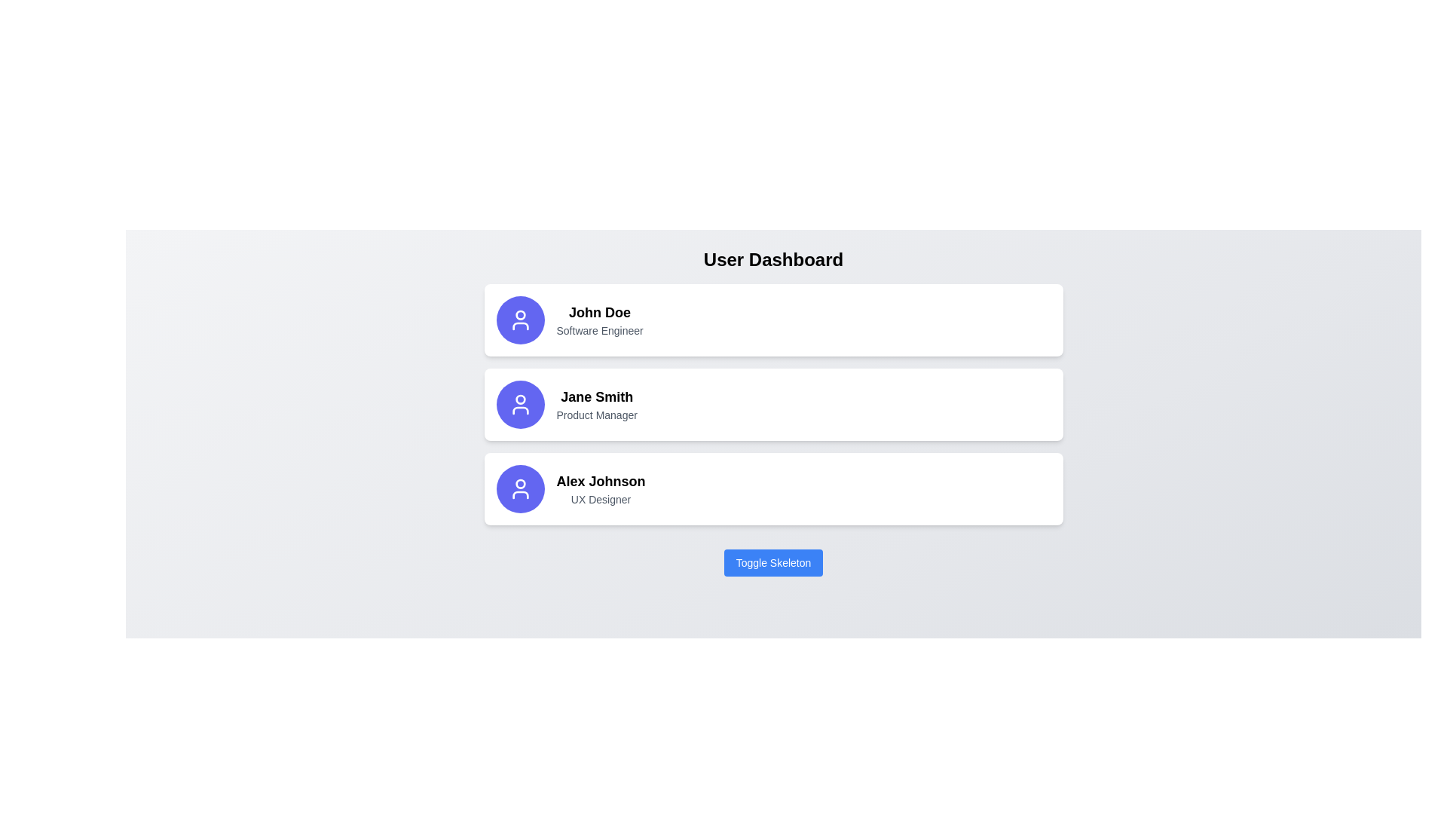 This screenshot has width=1447, height=814. Describe the element at coordinates (596, 403) in the screenshot. I see `the Text Display element that provides information about the user, located in the second row of user profile cards, directly below 'John Doe' and above 'Alex Johnson'` at that location.